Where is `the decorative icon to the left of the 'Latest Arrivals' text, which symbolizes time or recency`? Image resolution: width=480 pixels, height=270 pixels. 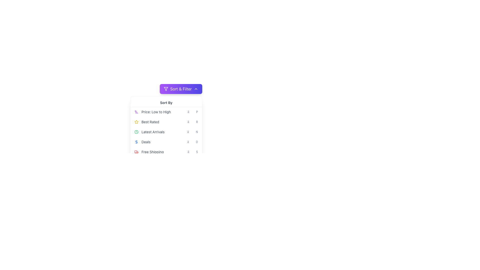 the decorative icon to the left of the 'Latest Arrivals' text, which symbolizes time or recency is located at coordinates (136, 132).